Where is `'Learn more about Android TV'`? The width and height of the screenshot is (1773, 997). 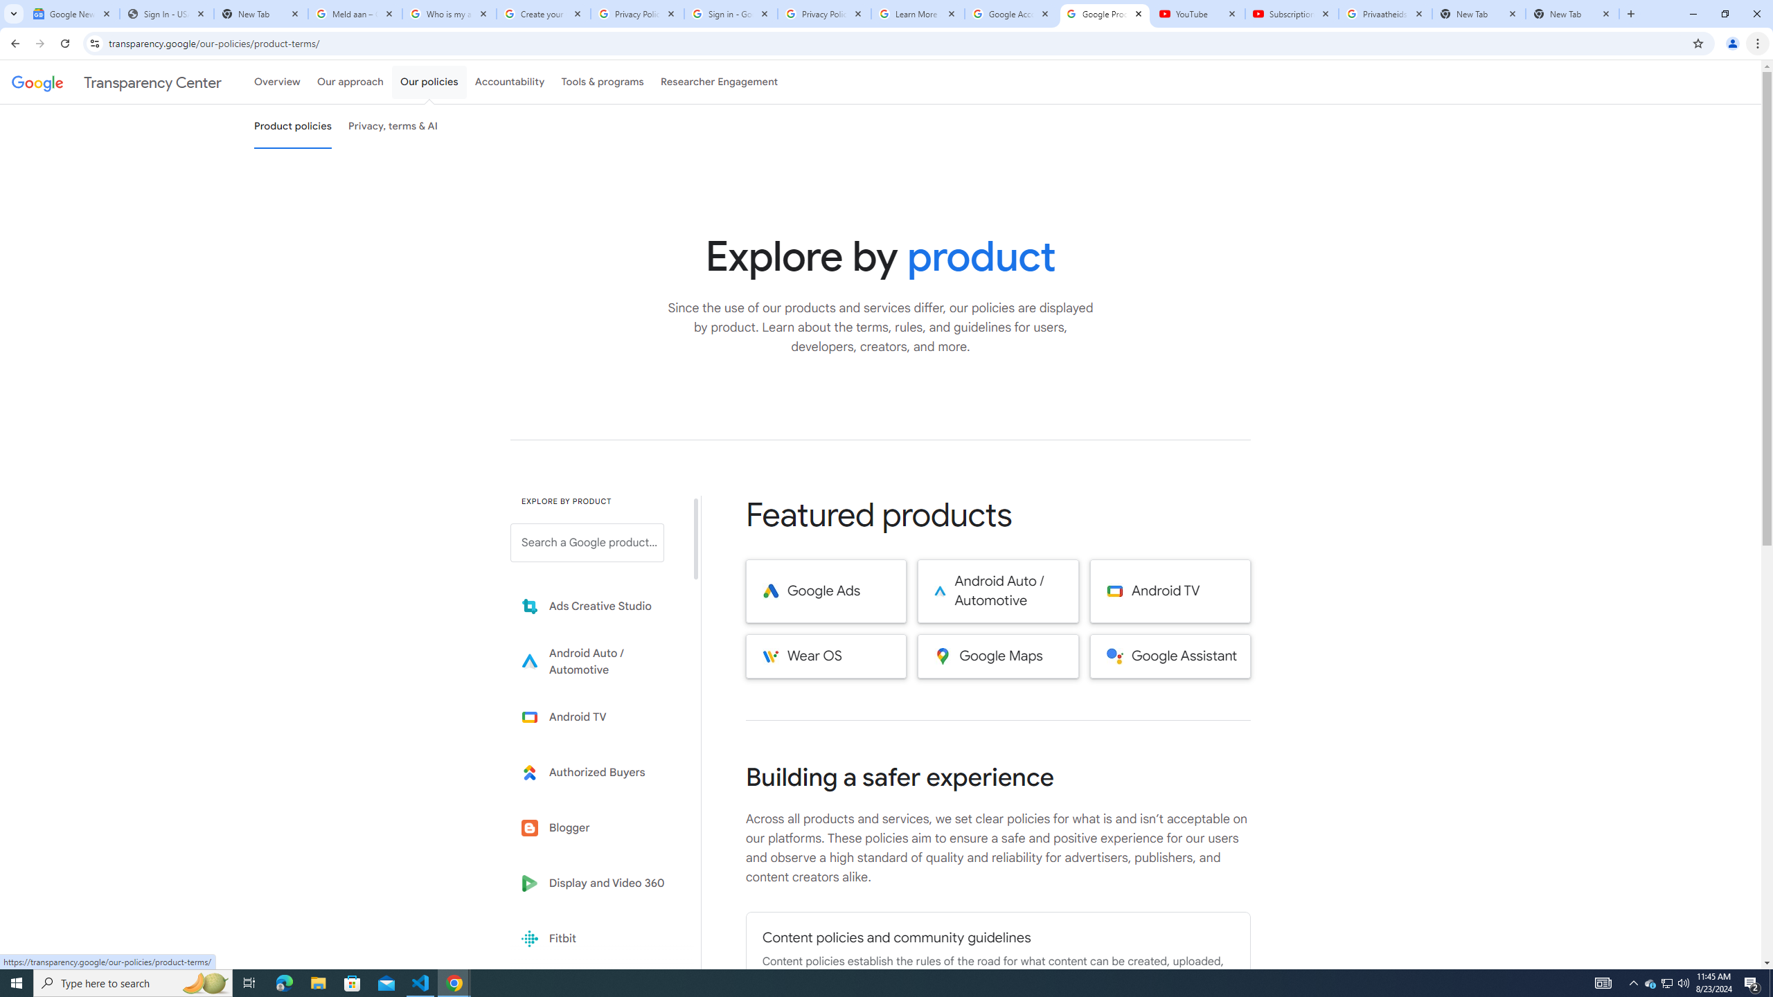 'Learn more about Android TV' is located at coordinates (596, 717).